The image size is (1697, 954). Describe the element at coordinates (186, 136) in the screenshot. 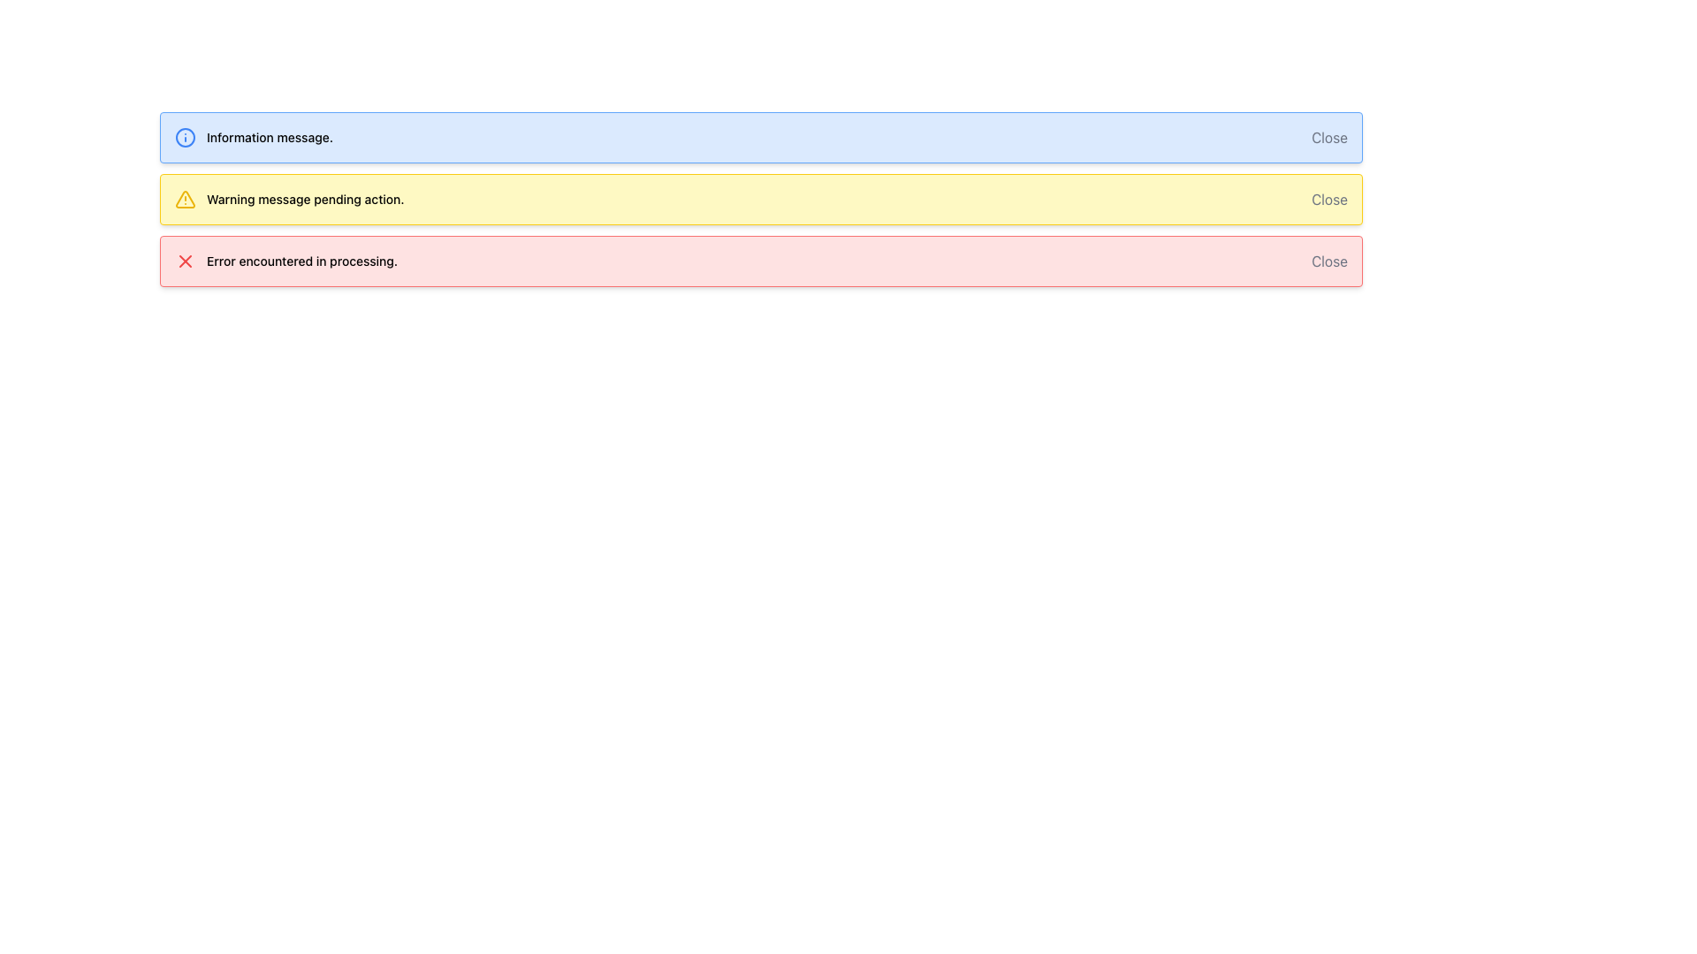

I see `the central circle of the 'Information message' icon, which is located on the left side of the blue information panel` at that location.